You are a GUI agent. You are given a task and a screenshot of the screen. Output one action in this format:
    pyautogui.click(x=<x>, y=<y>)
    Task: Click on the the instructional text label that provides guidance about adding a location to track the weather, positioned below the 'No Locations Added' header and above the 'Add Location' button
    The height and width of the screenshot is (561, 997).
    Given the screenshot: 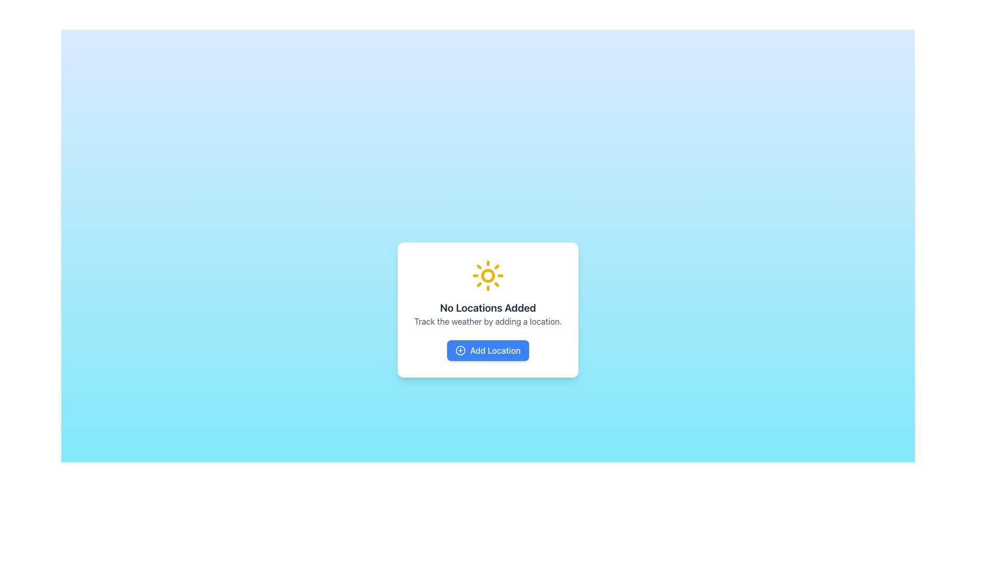 What is the action you would take?
    pyautogui.click(x=488, y=320)
    